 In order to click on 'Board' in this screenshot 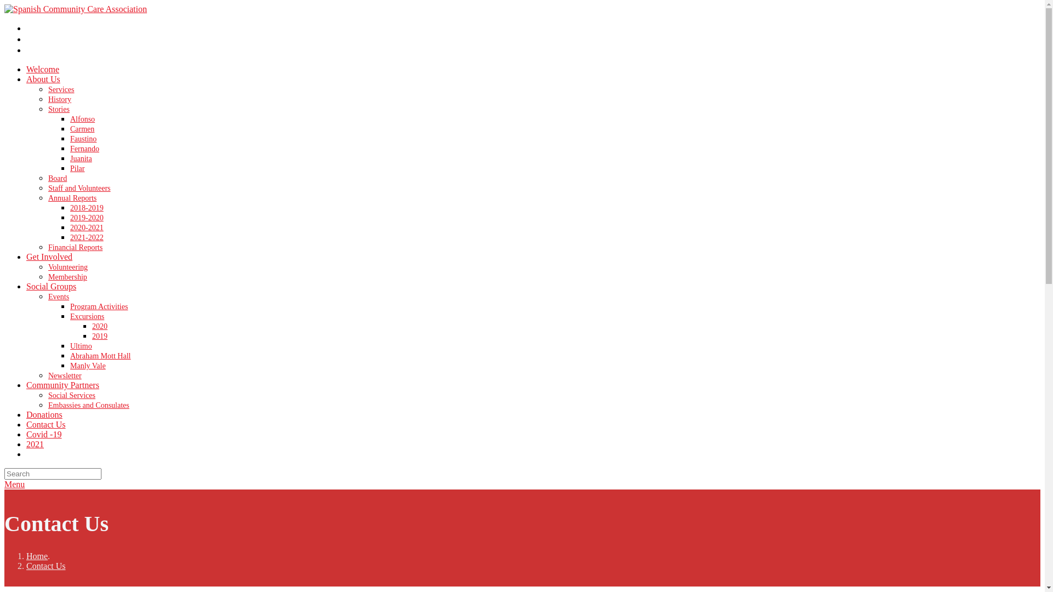, I will do `click(57, 178)`.